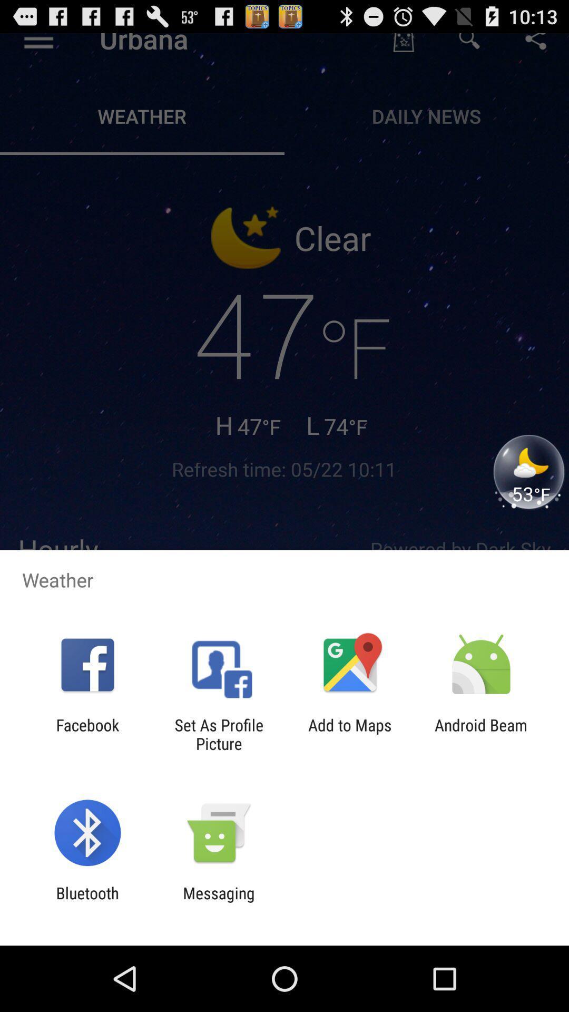  What do you see at coordinates (87, 902) in the screenshot?
I see `the icon next to messaging app` at bounding box center [87, 902].